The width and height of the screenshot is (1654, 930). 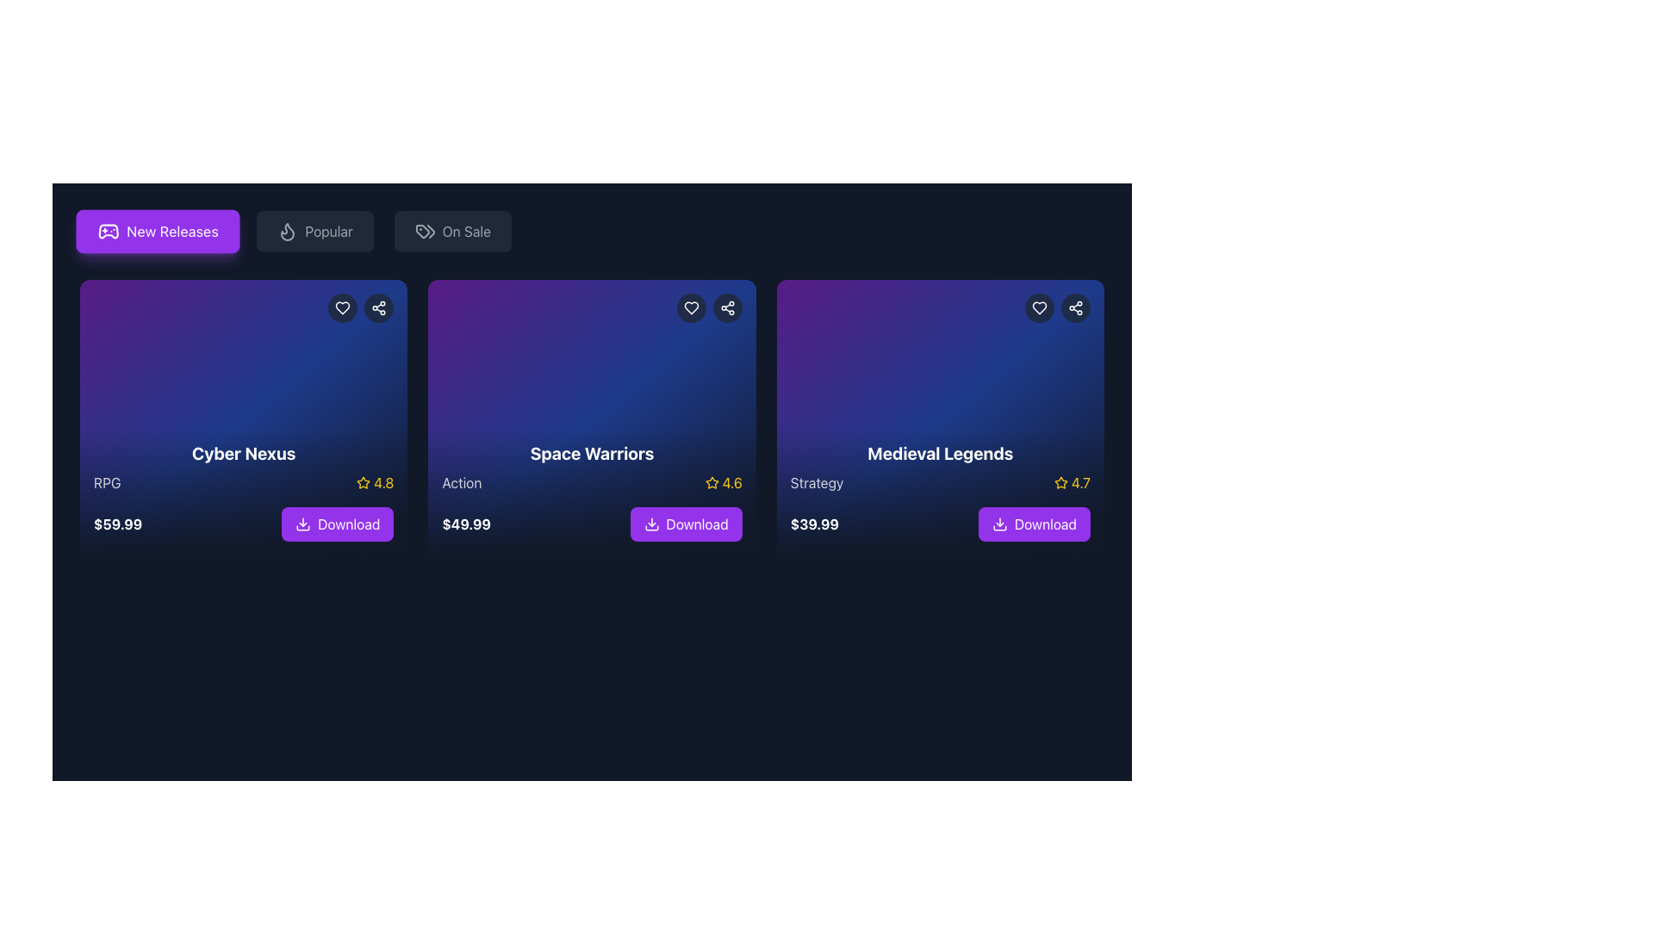 I want to click on the 'Popular' text label within the selectable button that filters items, positioned between 'New Releases' and 'On Sale', so click(x=329, y=231).